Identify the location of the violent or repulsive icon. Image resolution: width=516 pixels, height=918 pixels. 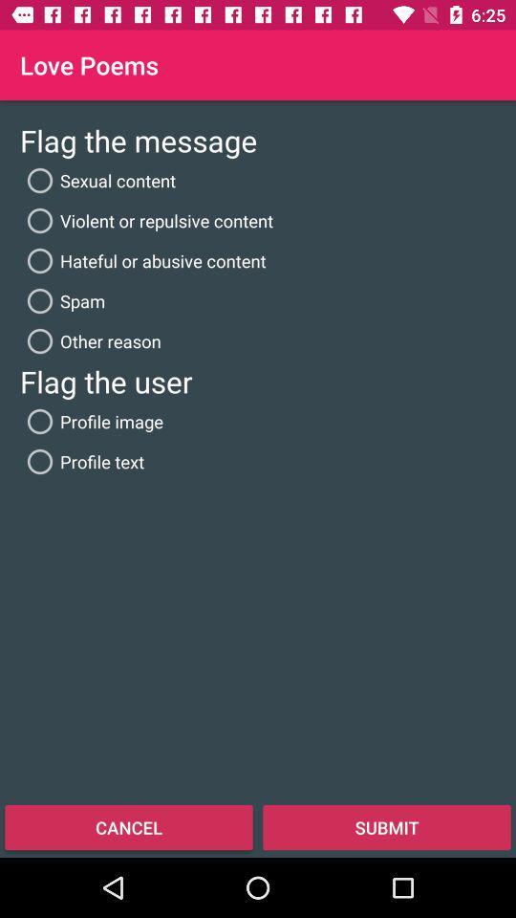
(145, 220).